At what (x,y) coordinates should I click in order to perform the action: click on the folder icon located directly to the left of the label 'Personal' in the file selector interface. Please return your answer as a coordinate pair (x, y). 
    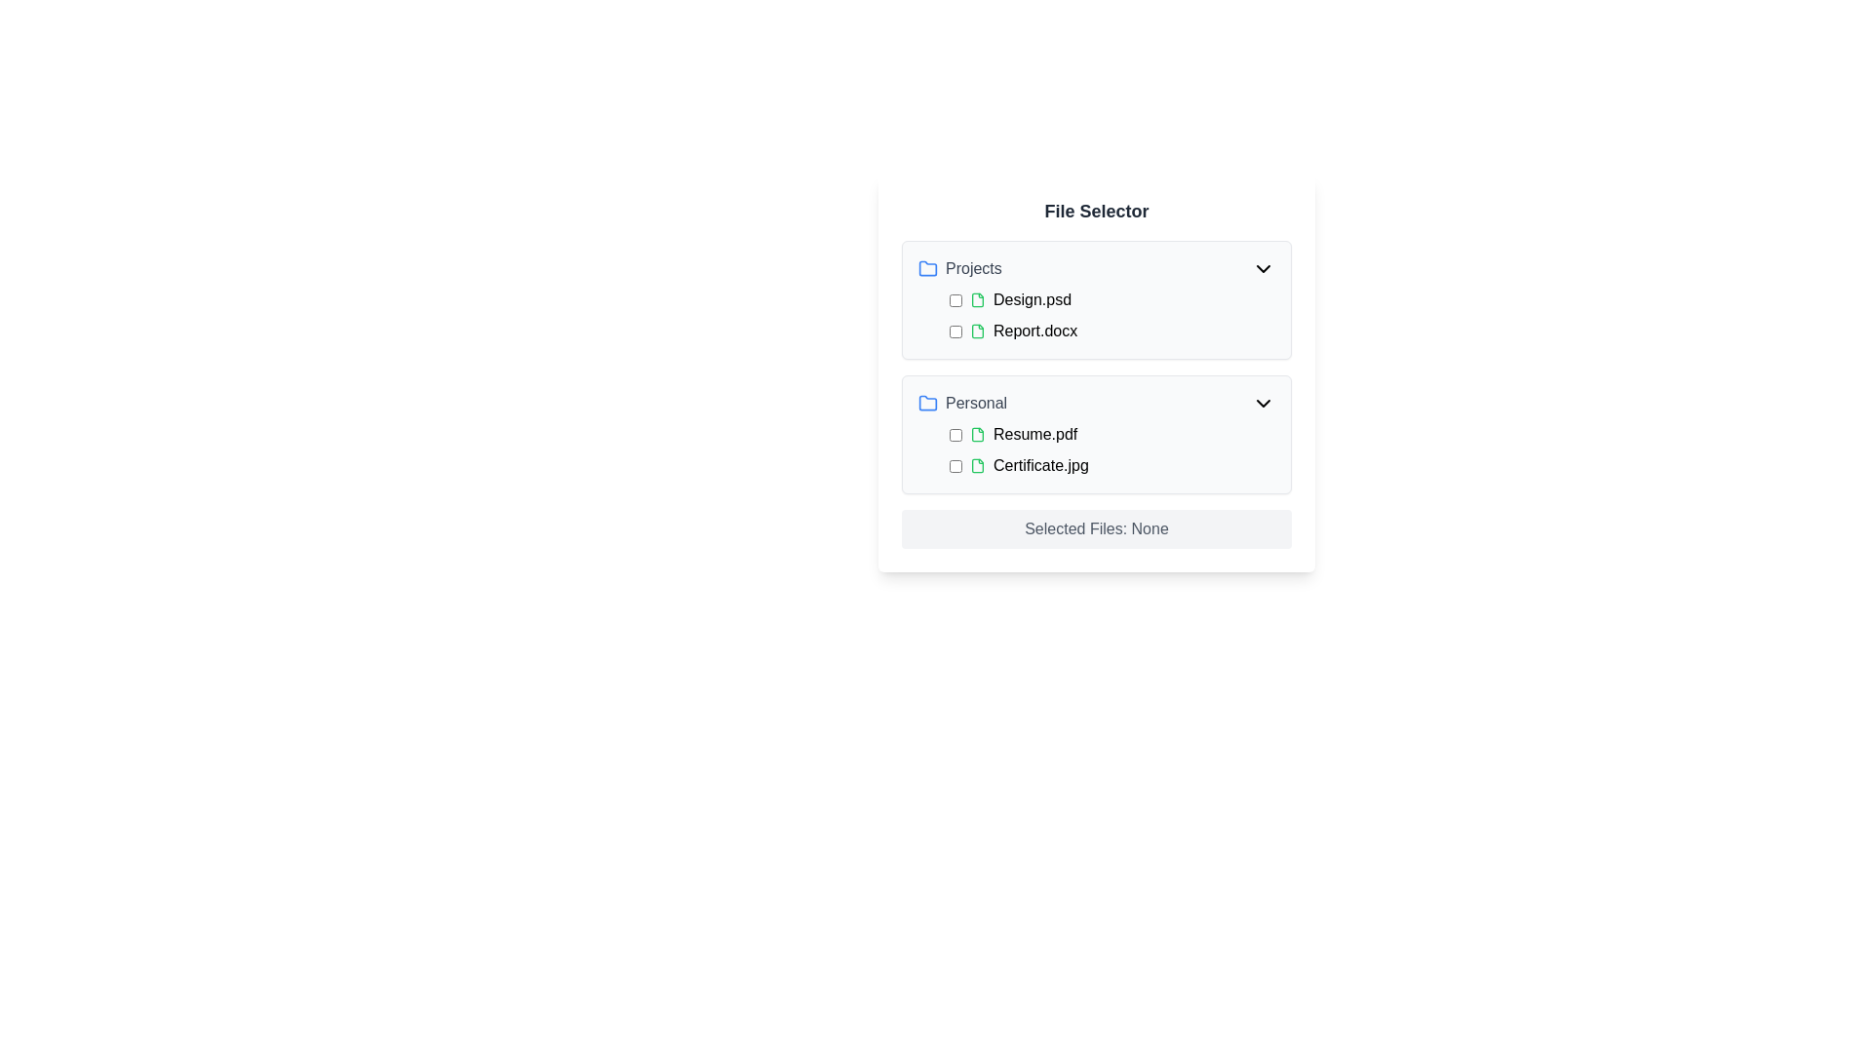
    Looking at the image, I should click on (926, 401).